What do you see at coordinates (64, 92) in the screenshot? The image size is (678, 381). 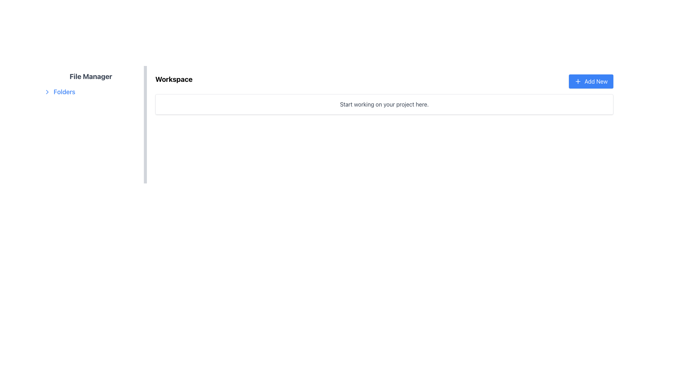 I see `the 'Folders' label in the left-hand sidebar, which is styled in blue with medium-weight font, located under 'File Manager' and next to a right-facing chevron icon` at bounding box center [64, 92].